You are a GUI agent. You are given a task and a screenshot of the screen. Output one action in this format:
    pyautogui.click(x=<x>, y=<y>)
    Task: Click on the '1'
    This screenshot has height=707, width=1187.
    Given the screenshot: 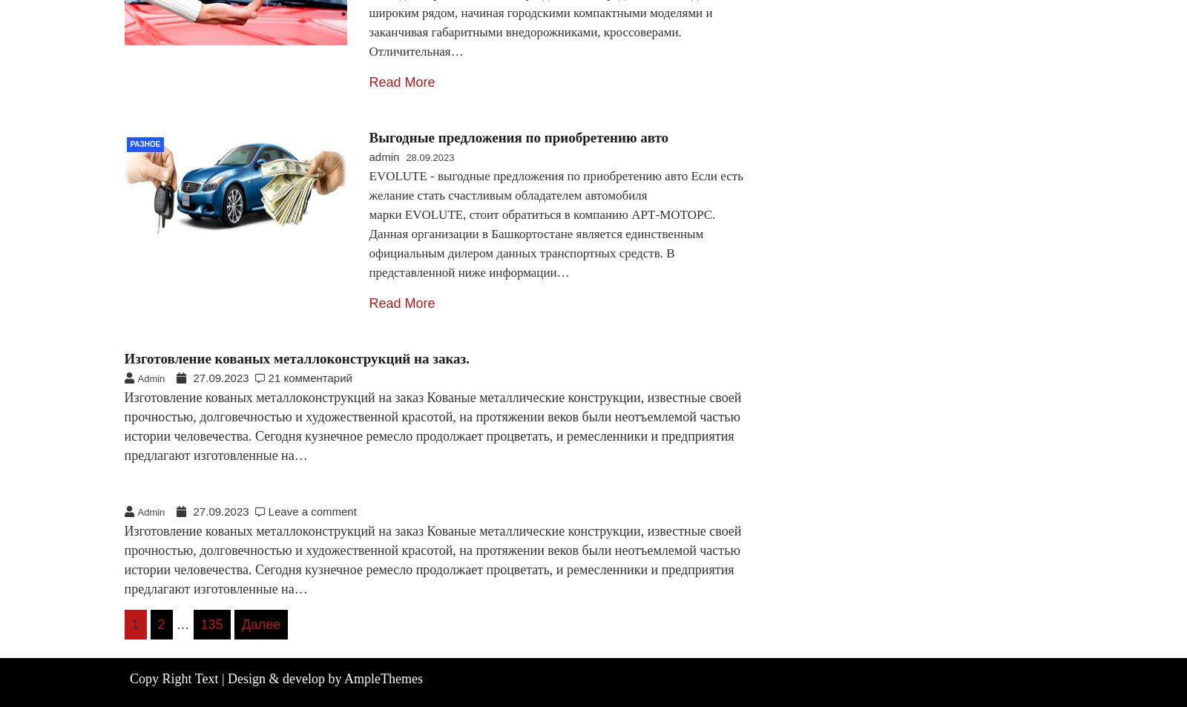 What is the action you would take?
    pyautogui.click(x=134, y=624)
    